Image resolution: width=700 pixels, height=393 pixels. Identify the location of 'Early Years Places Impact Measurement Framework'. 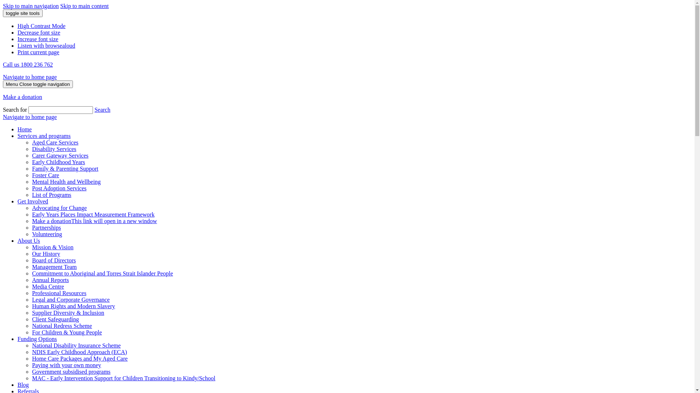
(93, 214).